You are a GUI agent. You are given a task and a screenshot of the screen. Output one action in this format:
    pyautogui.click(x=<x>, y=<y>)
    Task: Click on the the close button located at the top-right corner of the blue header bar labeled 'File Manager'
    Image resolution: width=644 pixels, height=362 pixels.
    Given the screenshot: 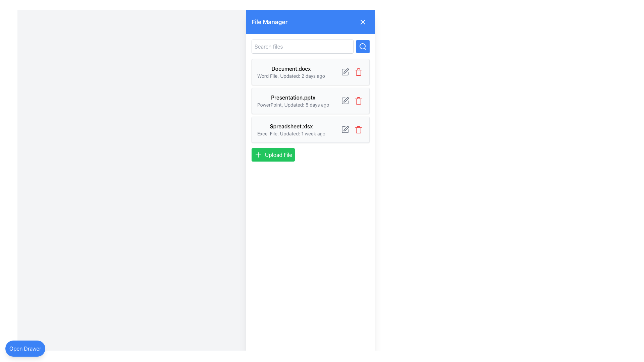 What is the action you would take?
    pyautogui.click(x=362, y=21)
    